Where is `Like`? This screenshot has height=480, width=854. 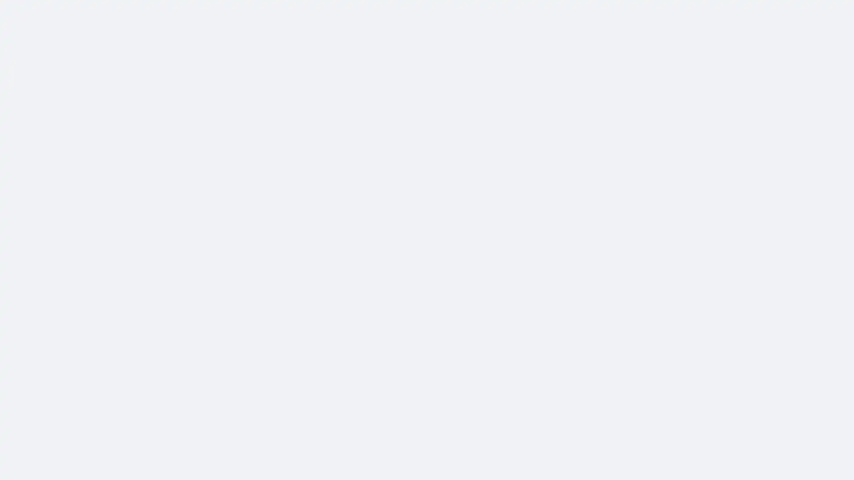 Like is located at coordinates (440, 346).